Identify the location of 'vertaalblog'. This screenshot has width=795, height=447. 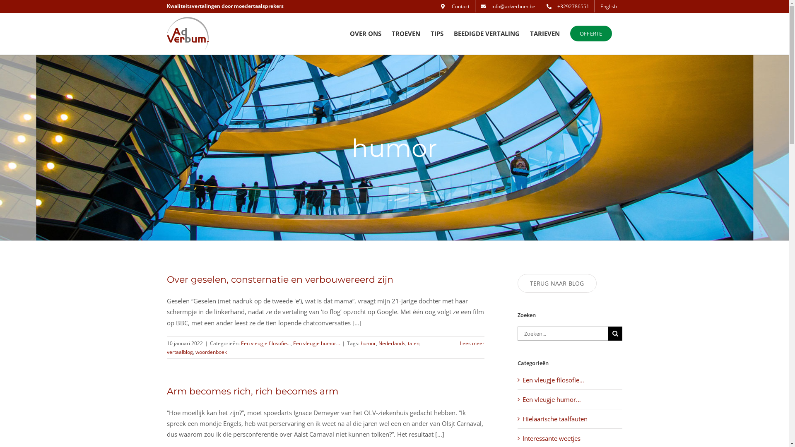
(179, 352).